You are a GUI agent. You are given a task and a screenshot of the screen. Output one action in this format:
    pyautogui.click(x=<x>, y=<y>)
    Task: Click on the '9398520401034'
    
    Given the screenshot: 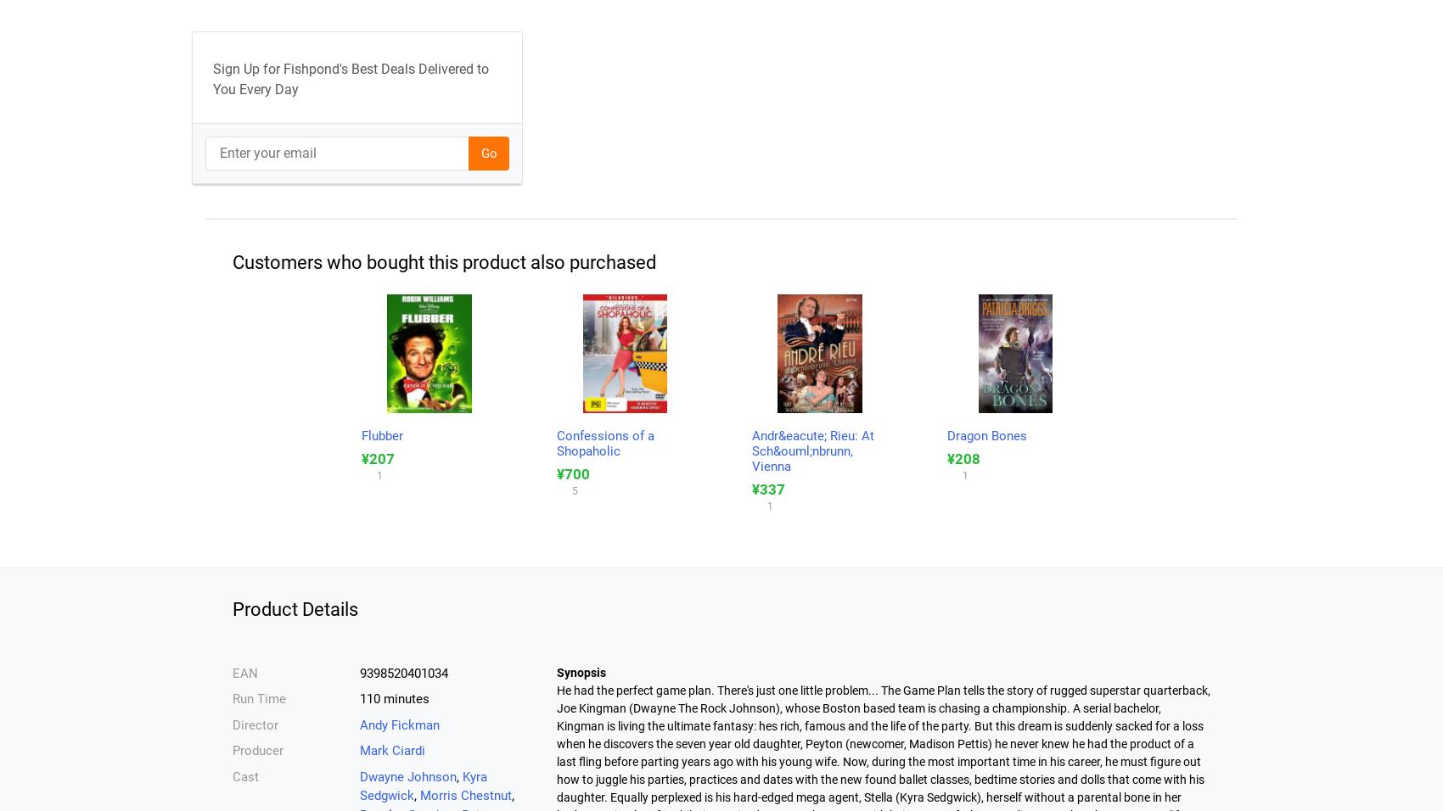 What is the action you would take?
    pyautogui.click(x=404, y=672)
    